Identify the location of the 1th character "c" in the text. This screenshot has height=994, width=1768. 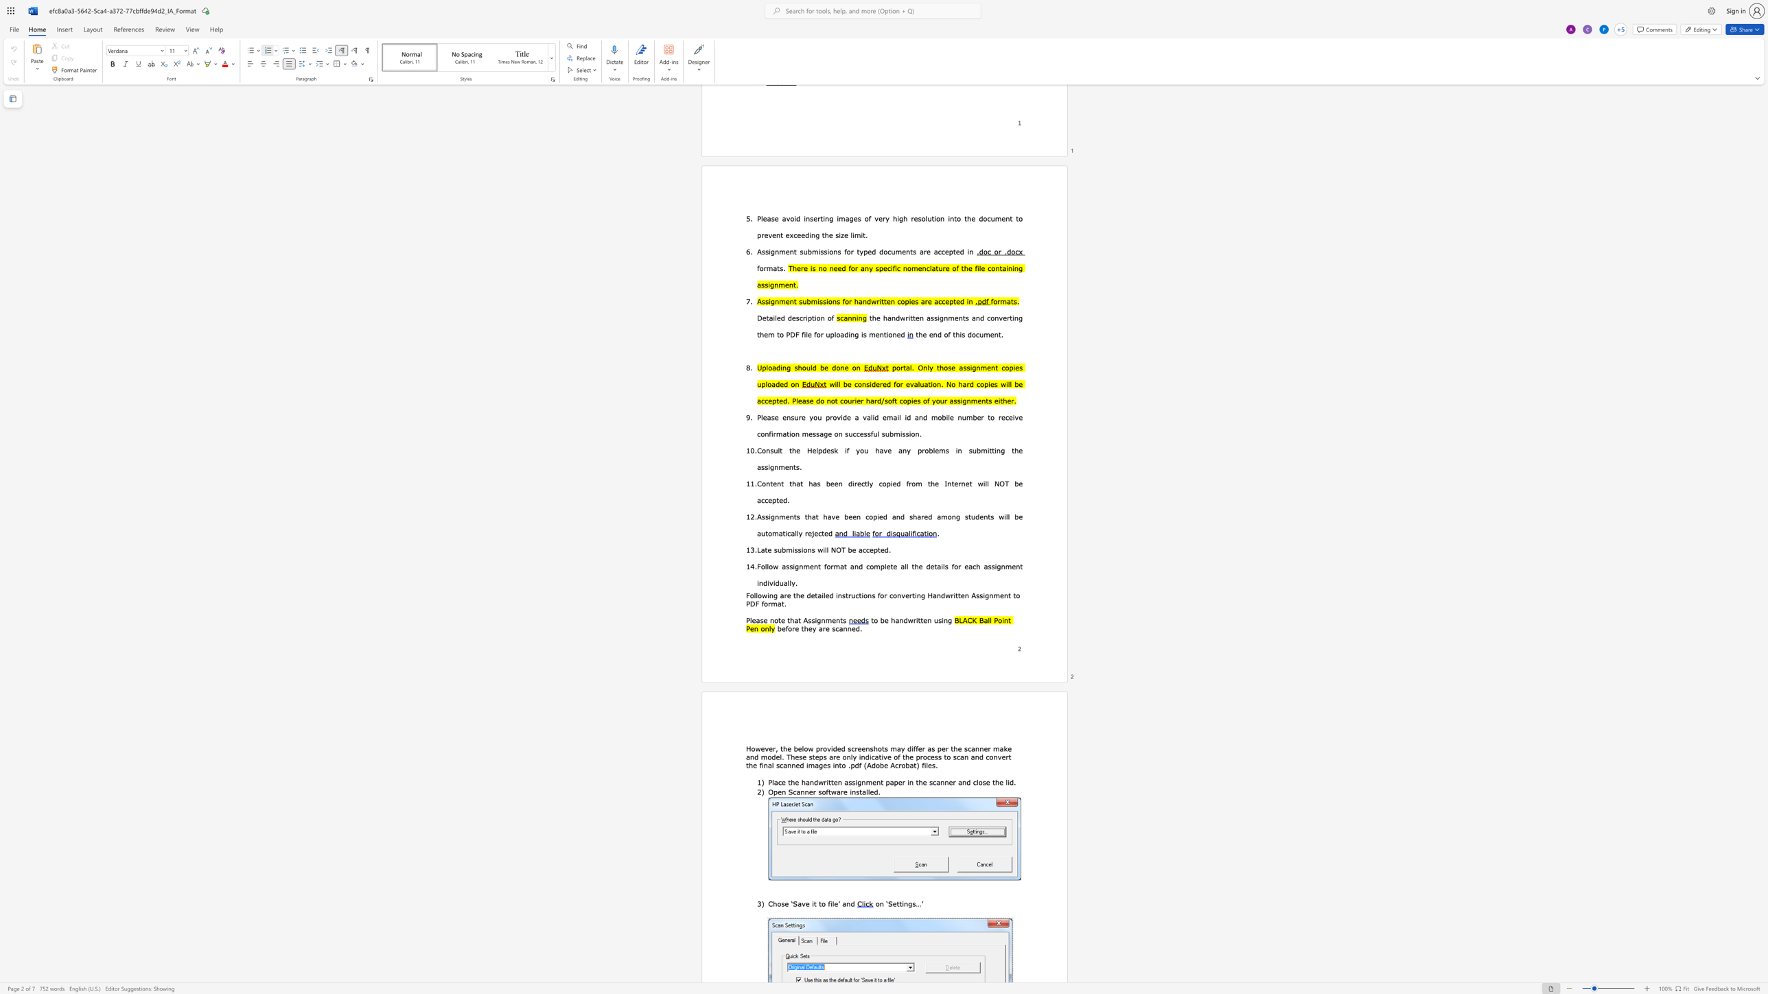
(868, 565).